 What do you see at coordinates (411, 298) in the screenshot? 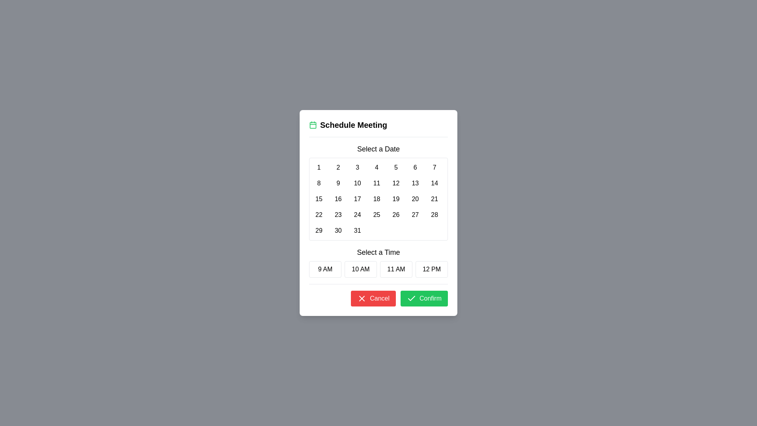
I see `the checkmark icon located centrally within the green Confirm button at the bottom right corner of the dialog box` at bounding box center [411, 298].